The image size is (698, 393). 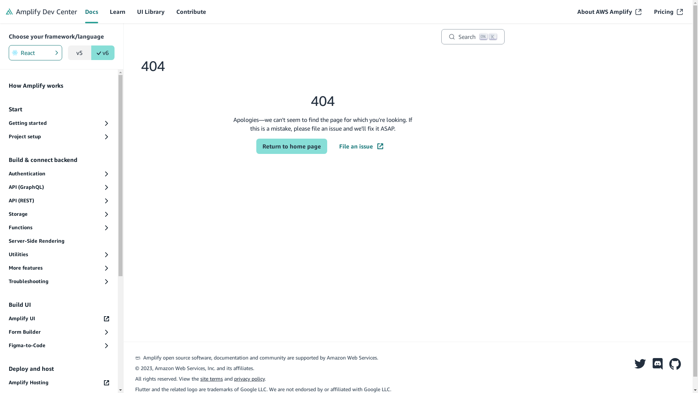 What do you see at coordinates (59, 227) in the screenshot?
I see `'Functions'` at bounding box center [59, 227].